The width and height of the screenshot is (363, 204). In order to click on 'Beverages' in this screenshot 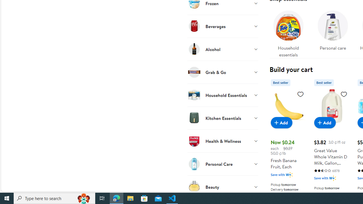, I will do `click(222, 26)`.